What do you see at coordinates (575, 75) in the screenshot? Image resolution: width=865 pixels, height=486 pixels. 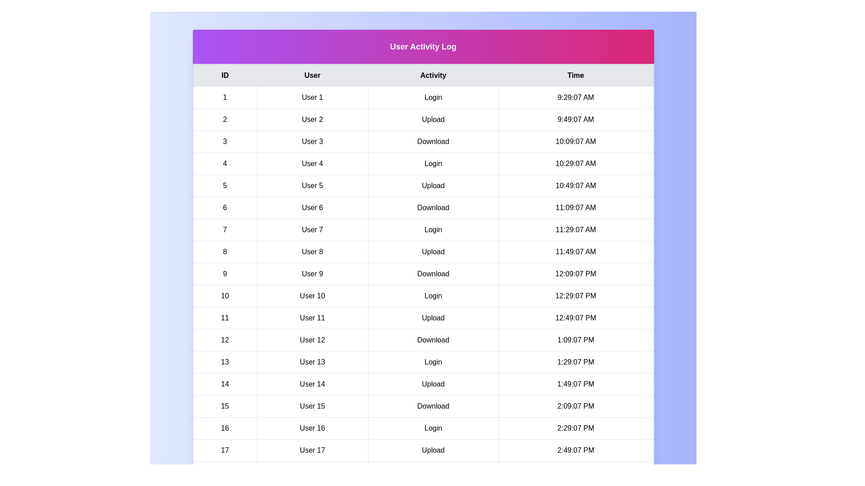 I see `the table header corresponding to the column Time to sort by that column` at bounding box center [575, 75].